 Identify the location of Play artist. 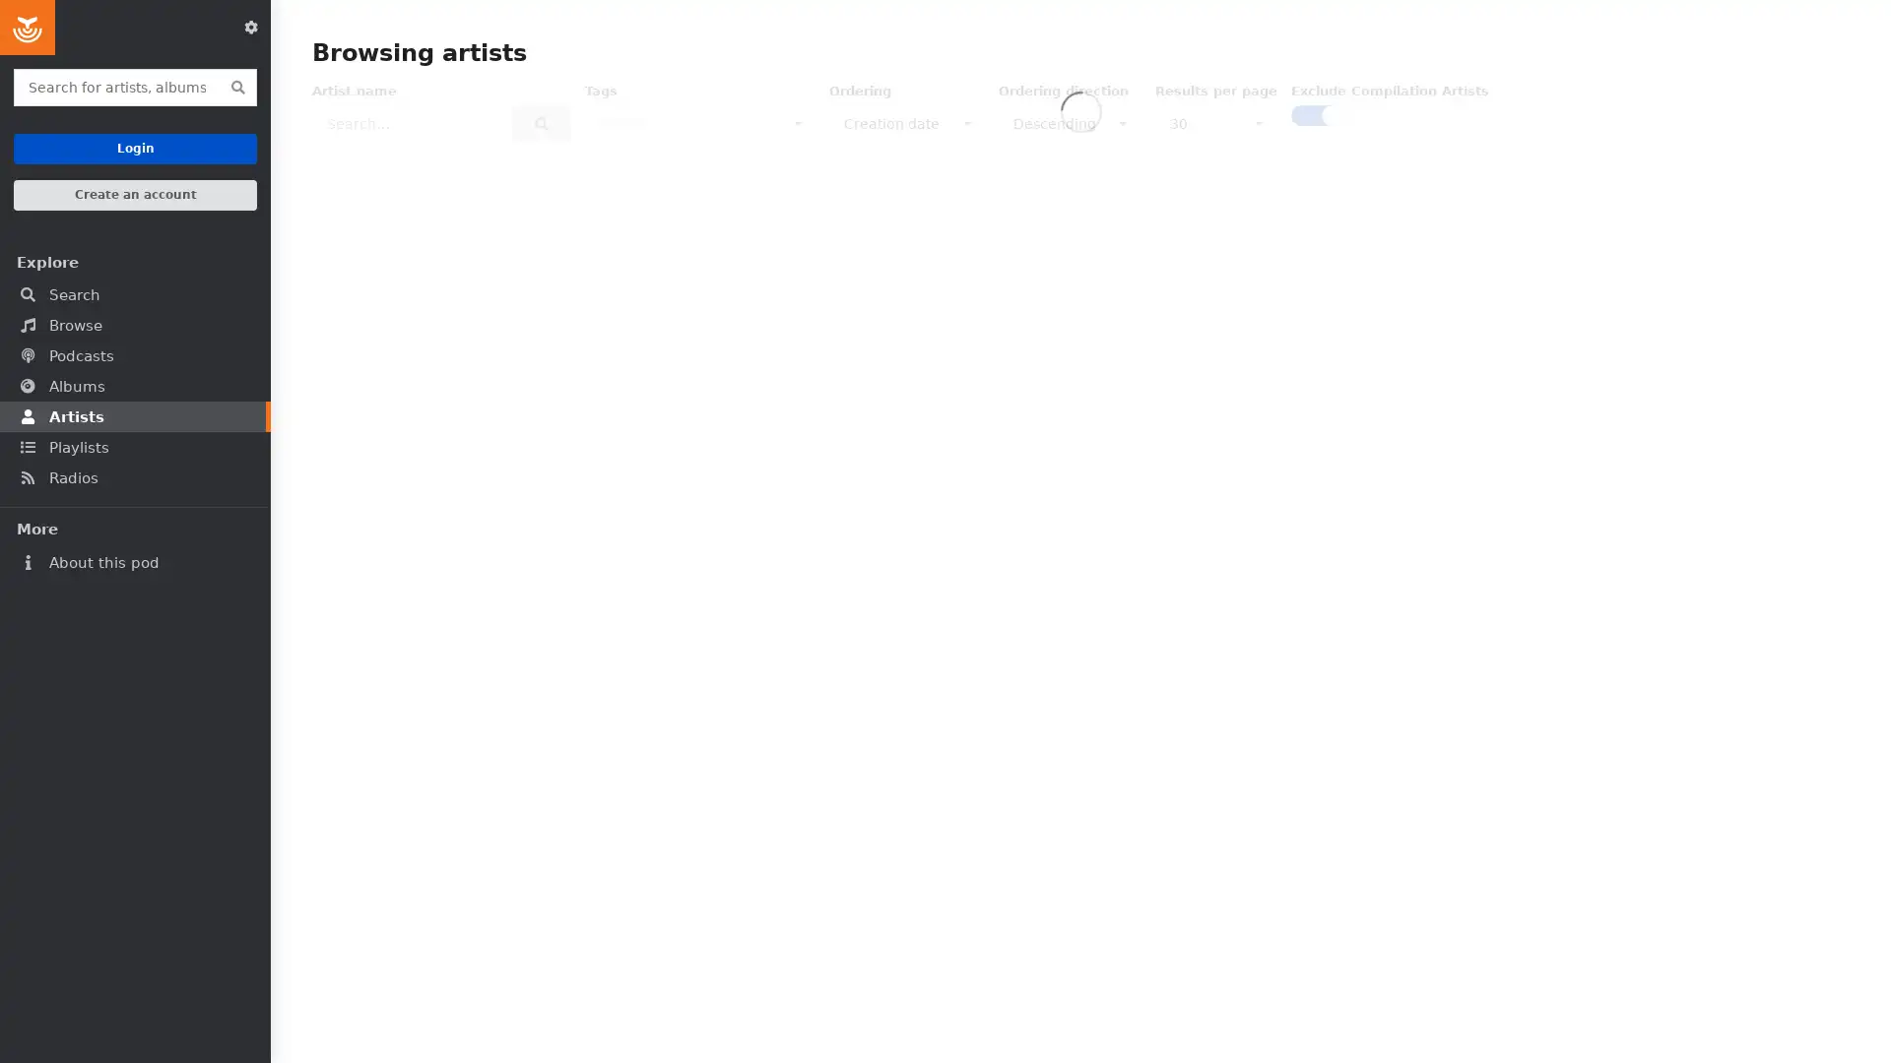
(1759, 677).